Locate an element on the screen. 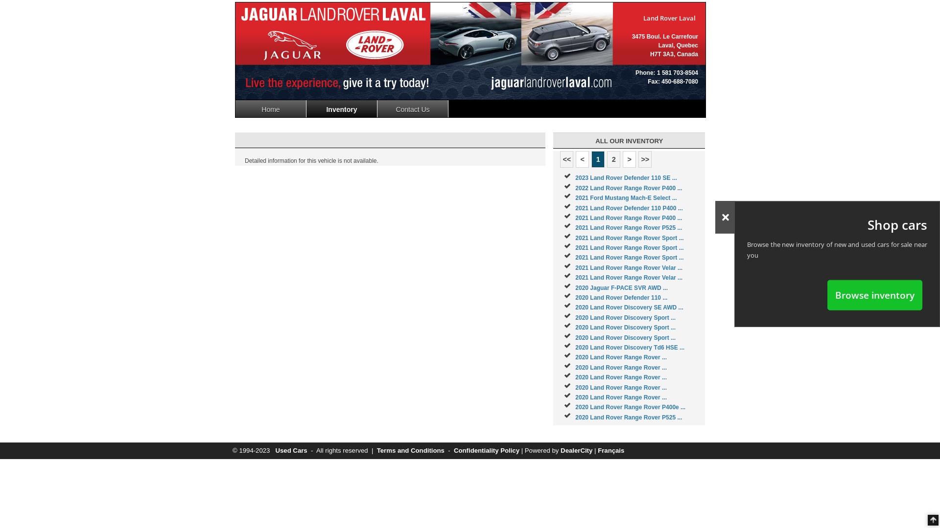 This screenshot has height=528, width=940. '2020 Land Rover Range Rover P400e ...' is located at coordinates (575, 407).